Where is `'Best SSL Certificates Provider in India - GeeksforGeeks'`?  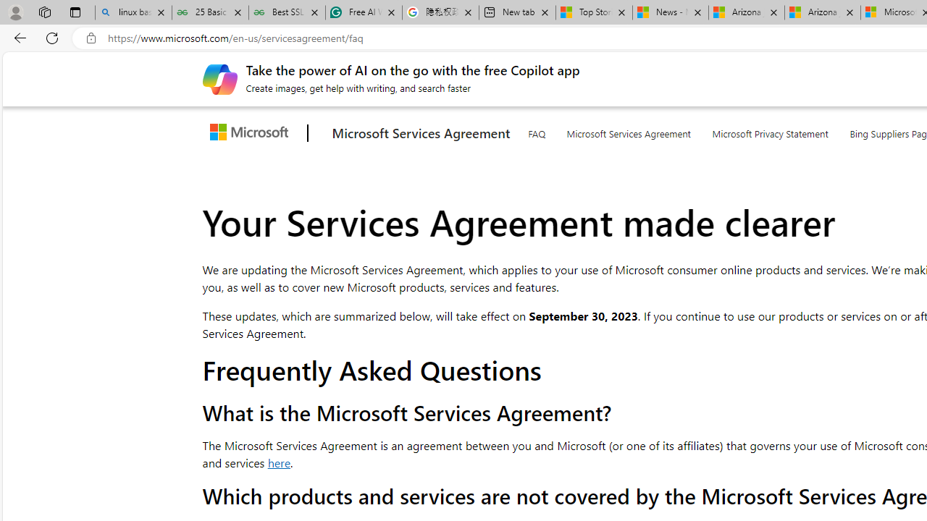 'Best SSL Certificates Provider in India - GeeksforGeeks' is located at coordinates (287, 12).